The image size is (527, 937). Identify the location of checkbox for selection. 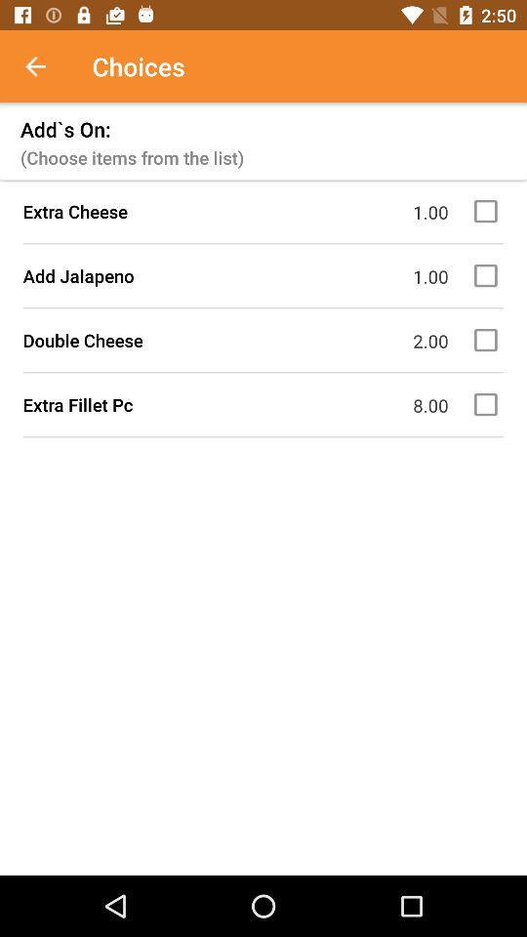
(488, 211).